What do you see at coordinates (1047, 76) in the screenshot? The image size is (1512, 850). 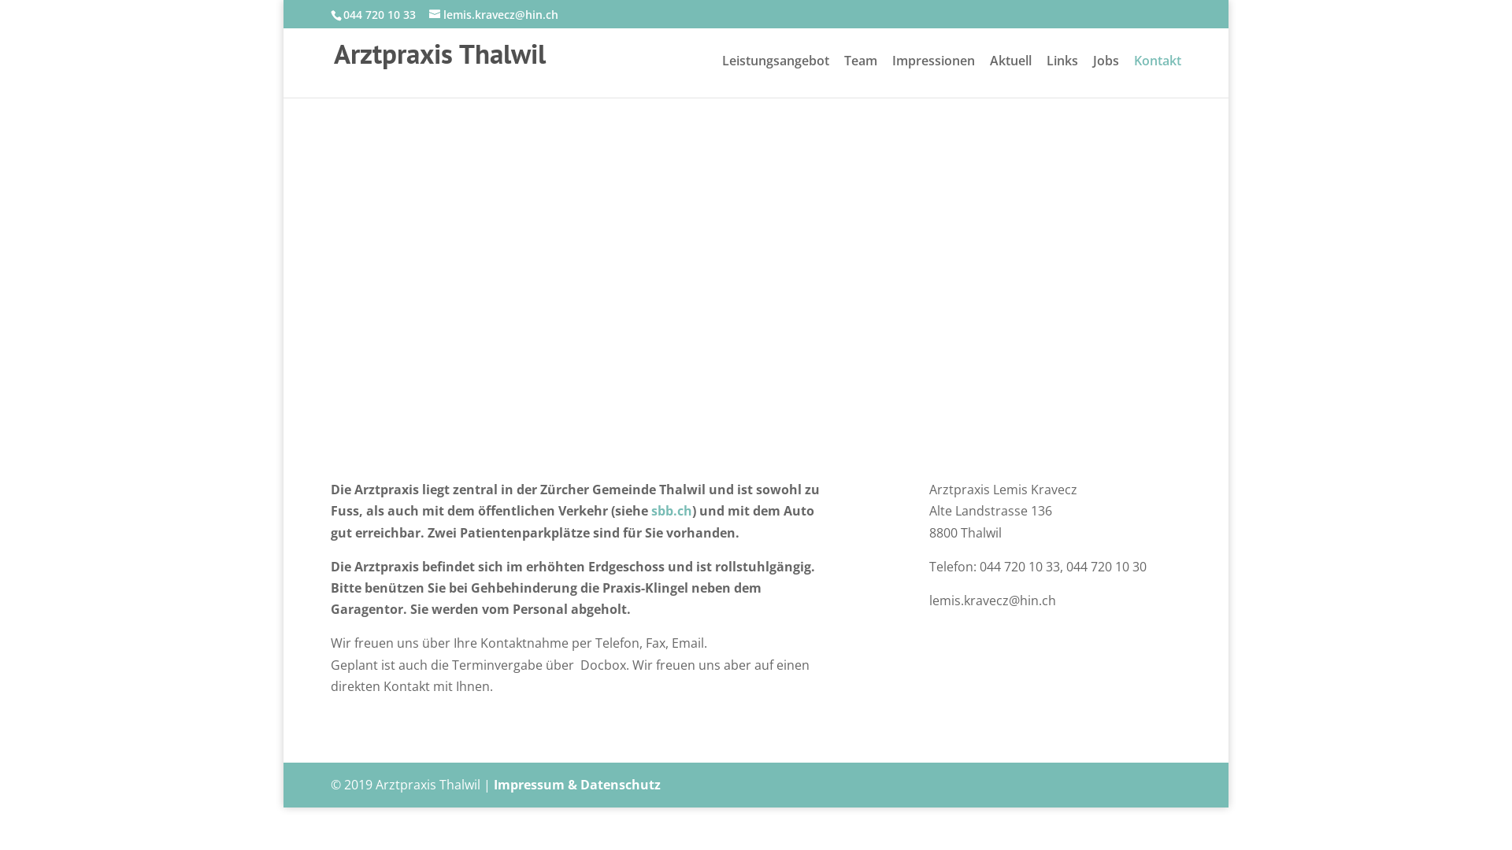 I see `'Links'` at bounding box center [1047, 76].